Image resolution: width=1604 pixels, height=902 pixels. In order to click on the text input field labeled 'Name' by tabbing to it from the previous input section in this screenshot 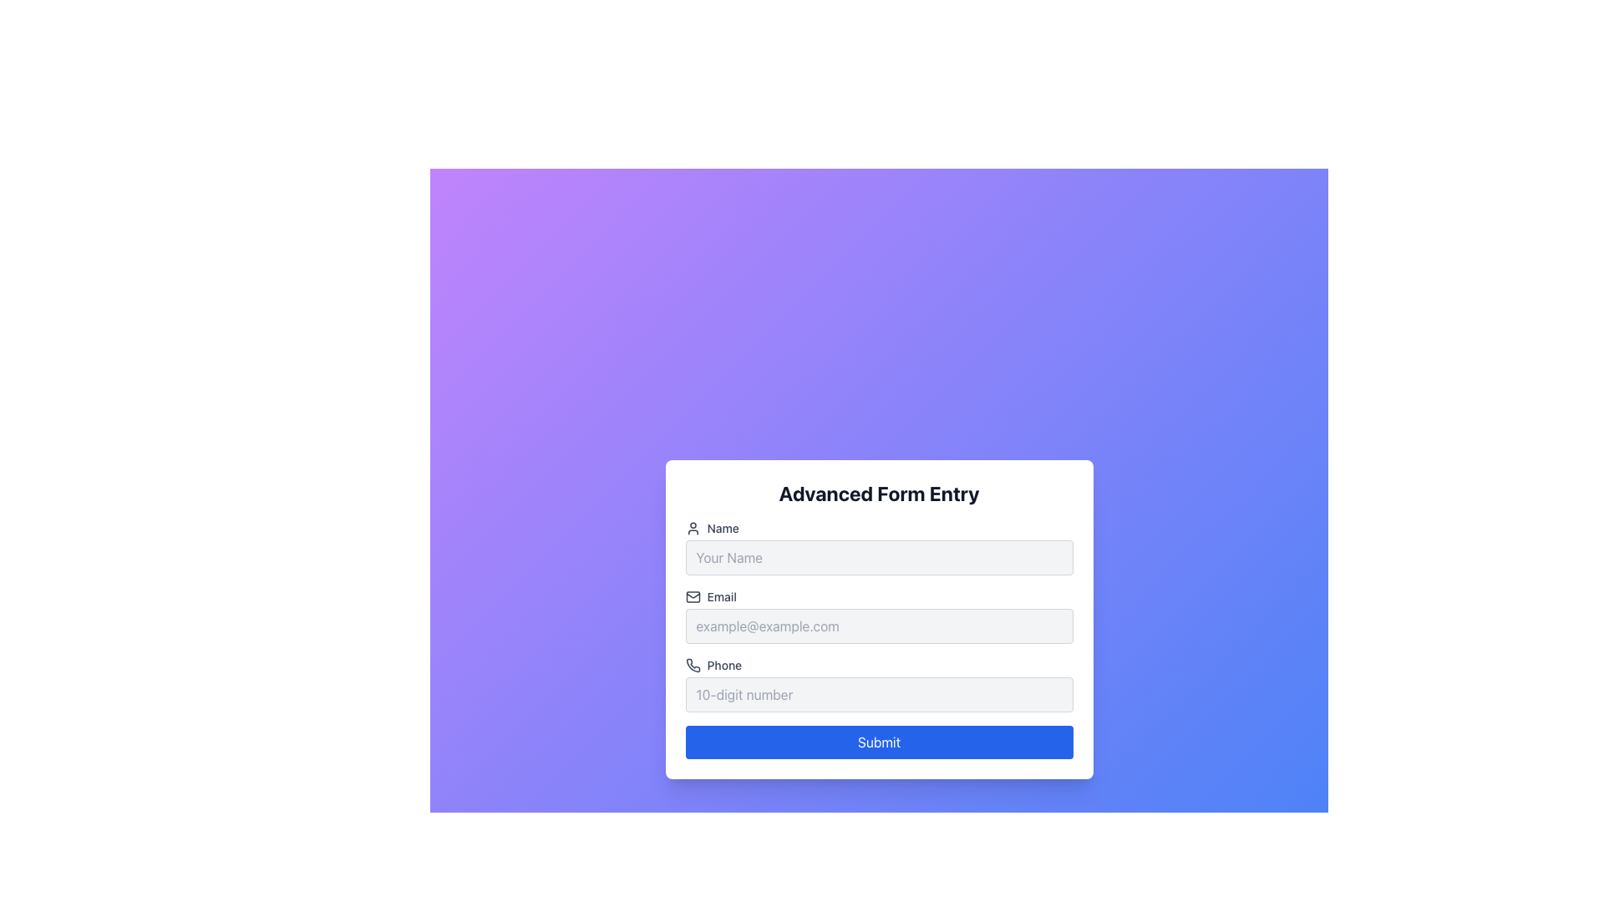, I will do `click(878, 547)`.